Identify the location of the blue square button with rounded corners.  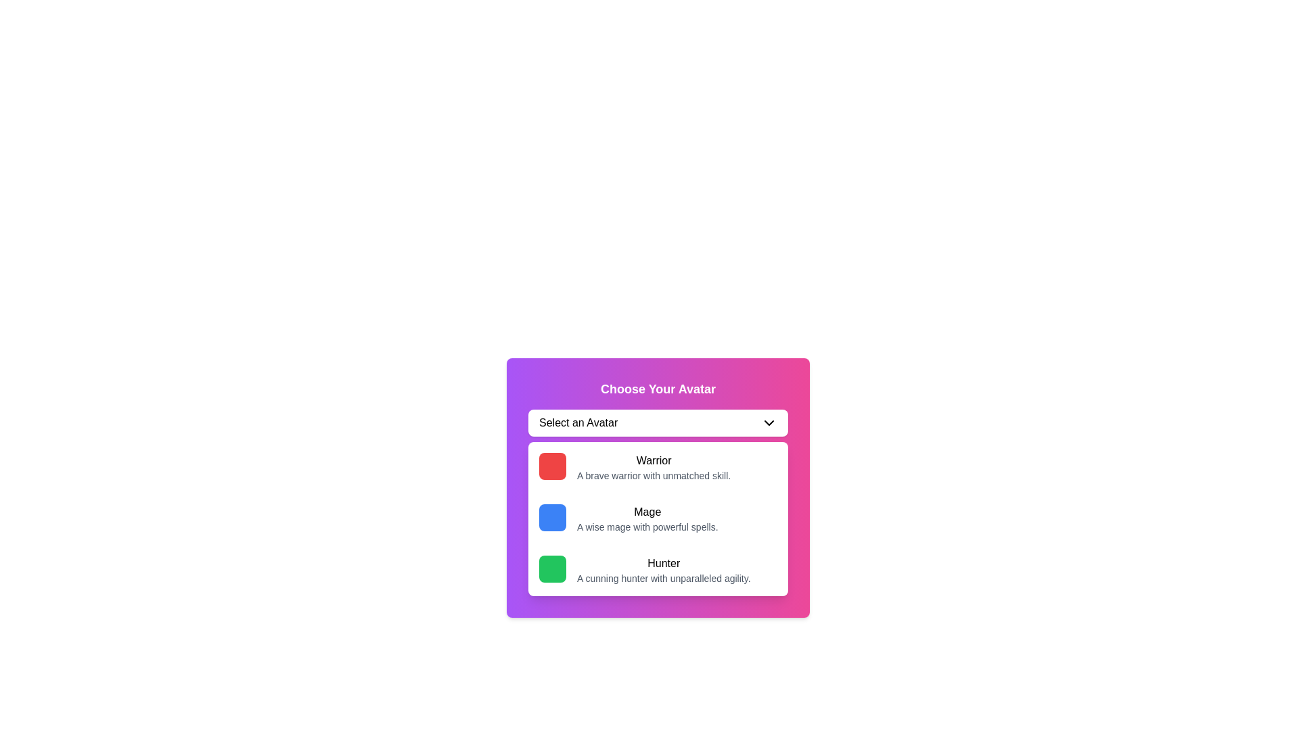
(552, 517).